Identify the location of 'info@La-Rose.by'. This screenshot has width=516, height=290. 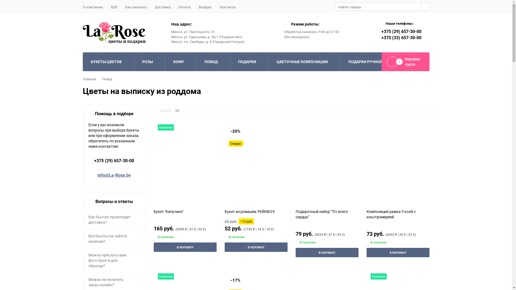
(113, 175).